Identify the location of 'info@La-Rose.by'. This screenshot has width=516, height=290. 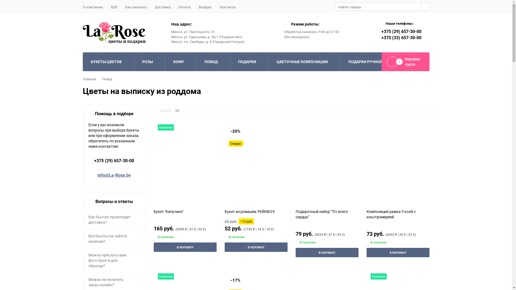
(113, 175).